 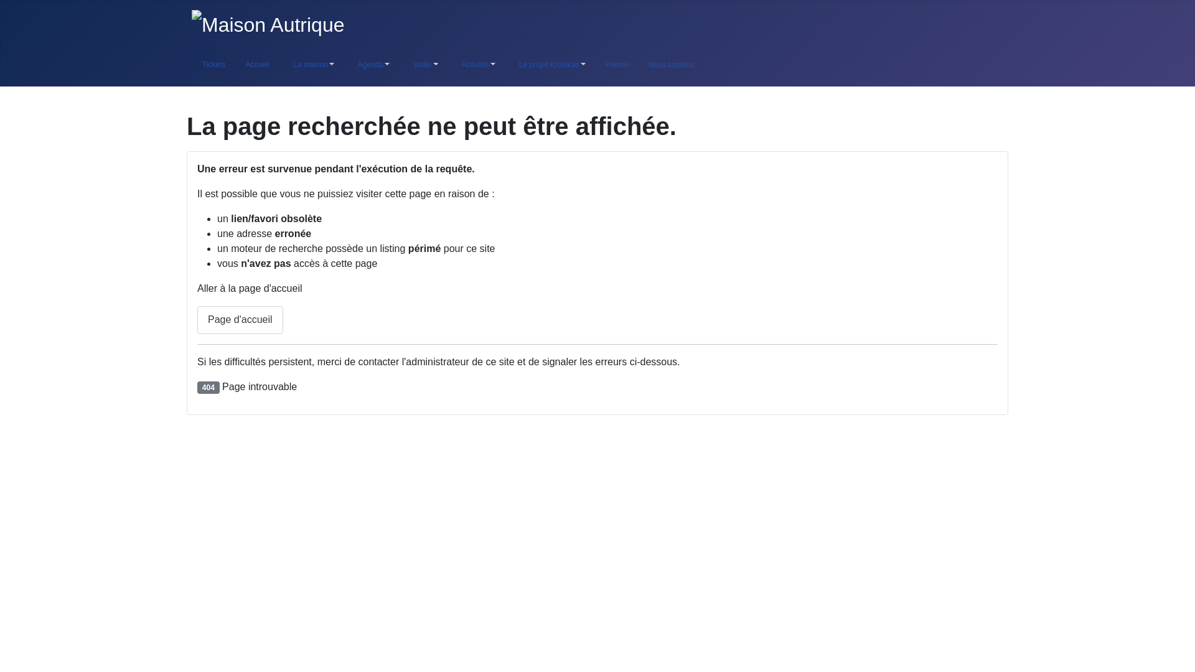 What do you see at coordinates (549, 65) in the screenshot?
I see `'Le projet Kronikas'` at bounding box center [549, 65].